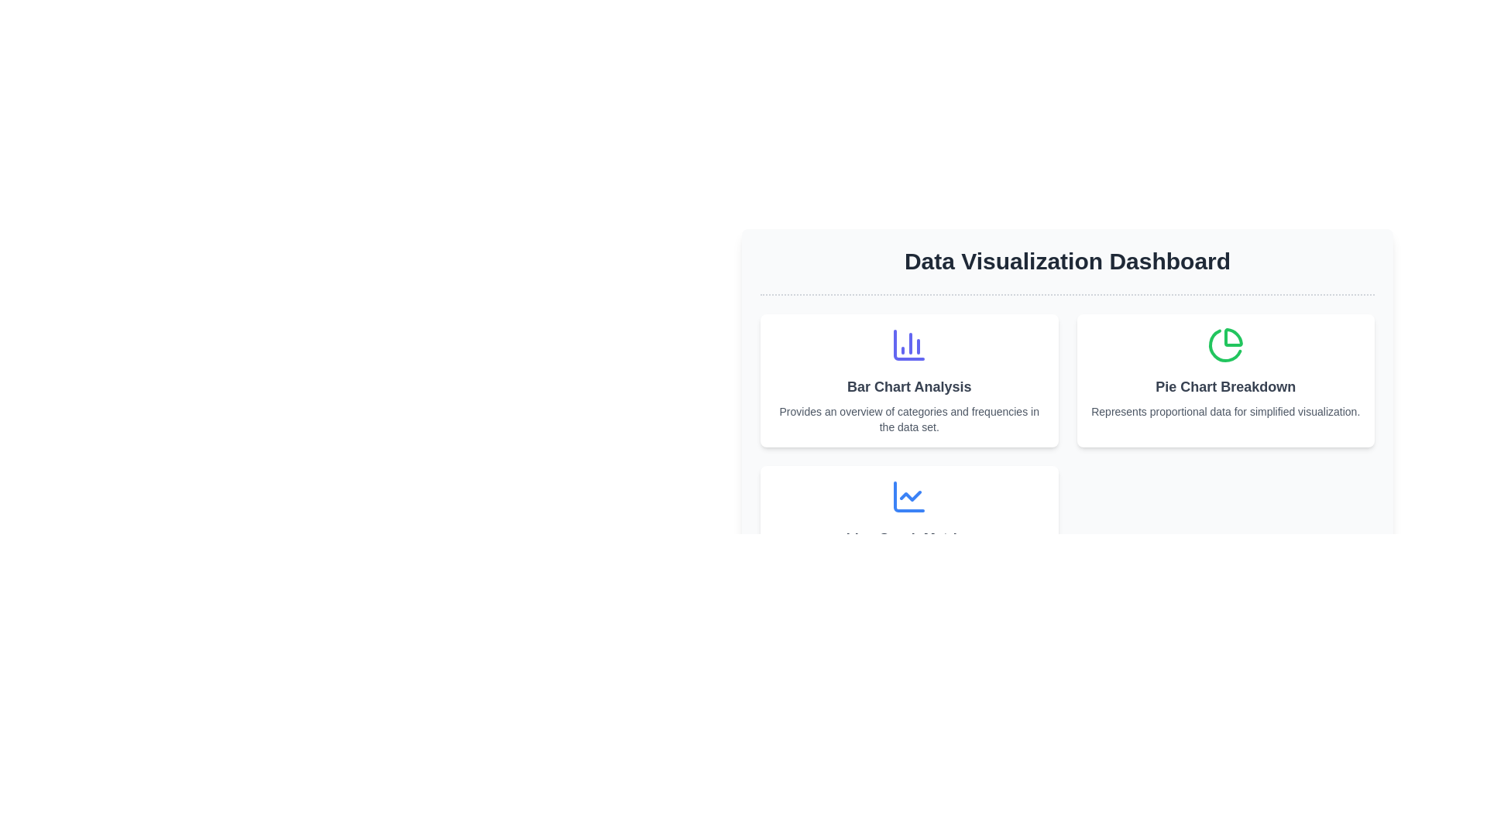 The width and height of the screenshot is (1487, 836). What do you see at coordinates (1224, 381) in the screenshot?
I see `the Information card in the upper-right quadrant of the 'Data Visualization Dashboard'` at bounding box center [1224, 381].